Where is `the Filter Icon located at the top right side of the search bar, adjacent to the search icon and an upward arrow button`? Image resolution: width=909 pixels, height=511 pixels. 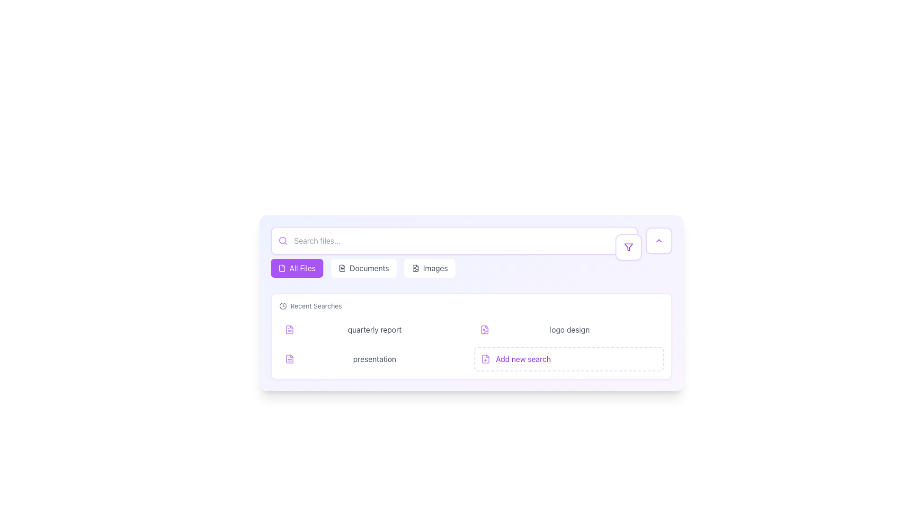 the Filter Icon located at the top right side of the search bar, adjacent to the search icon and an upward arrow button is located at coordinates (628, 247).